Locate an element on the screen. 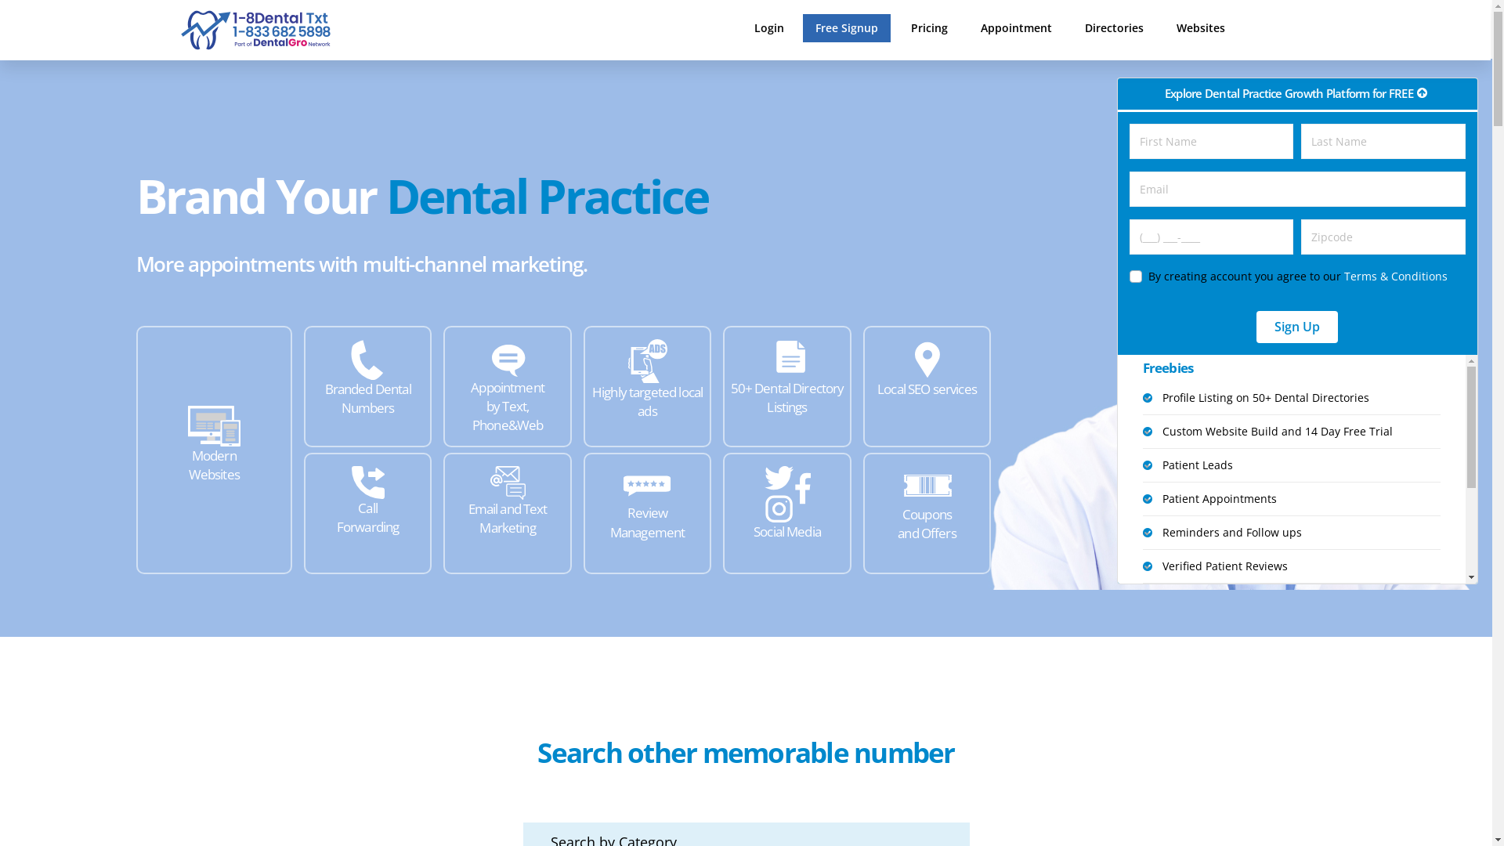 Image resolution: width=1504 pixels, height=846 pixels. 'Explore Dental Practice Growth Platform for FREE' is located at coordinates (1297, 93).